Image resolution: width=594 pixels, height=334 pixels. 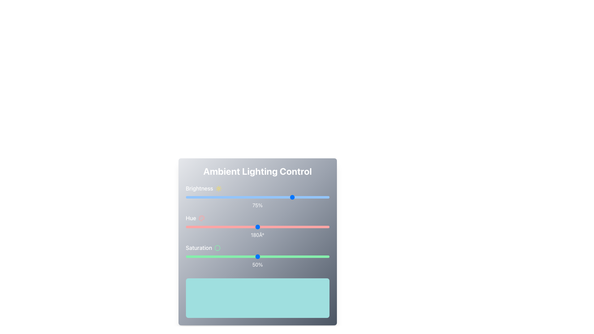 I want to click on hue, so click(x=252, y=227).